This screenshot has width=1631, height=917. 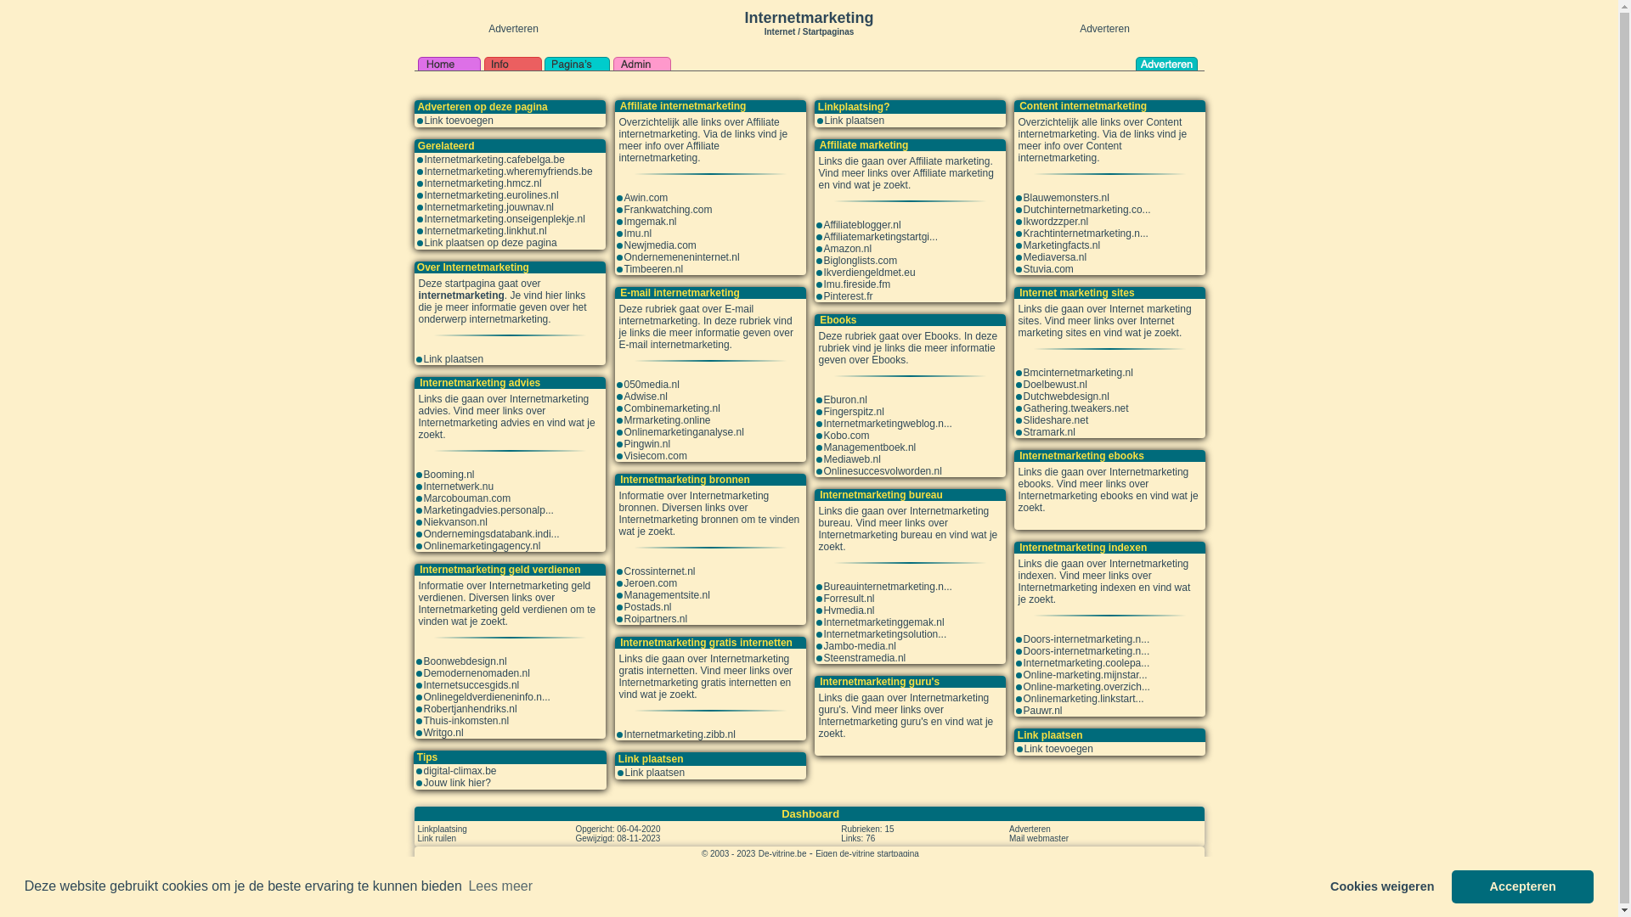 I want to click on 'Internetmarketing.zibb.nl', so click(x=678, y=733).